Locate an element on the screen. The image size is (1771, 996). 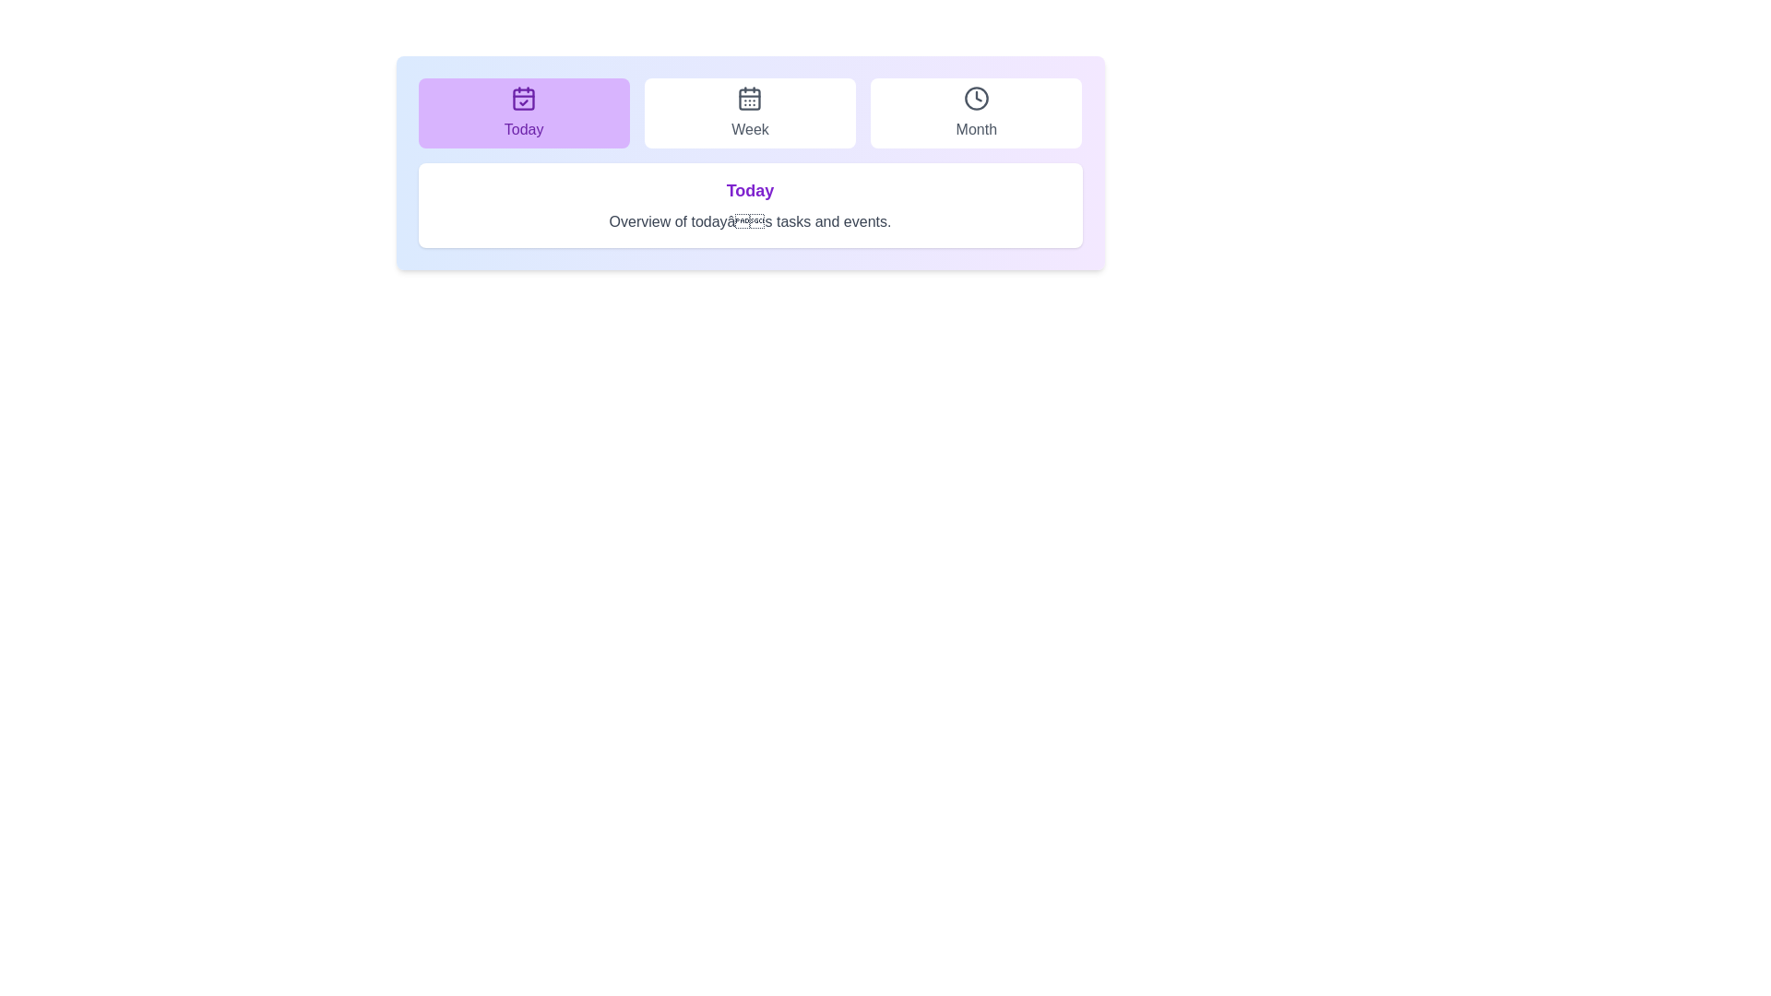
the tab labeled Month to view its associated text is located at coordinates (976, 113).